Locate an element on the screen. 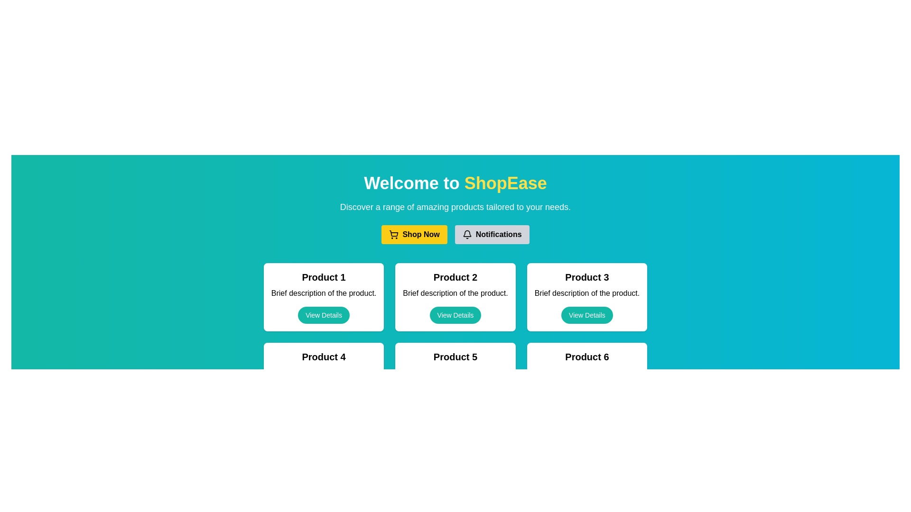  the text 'Brief description of the product.' located in the card titled 'Product 4', positioned directly below the title and above the 'View Details' button is located at coordinates (324, 372).